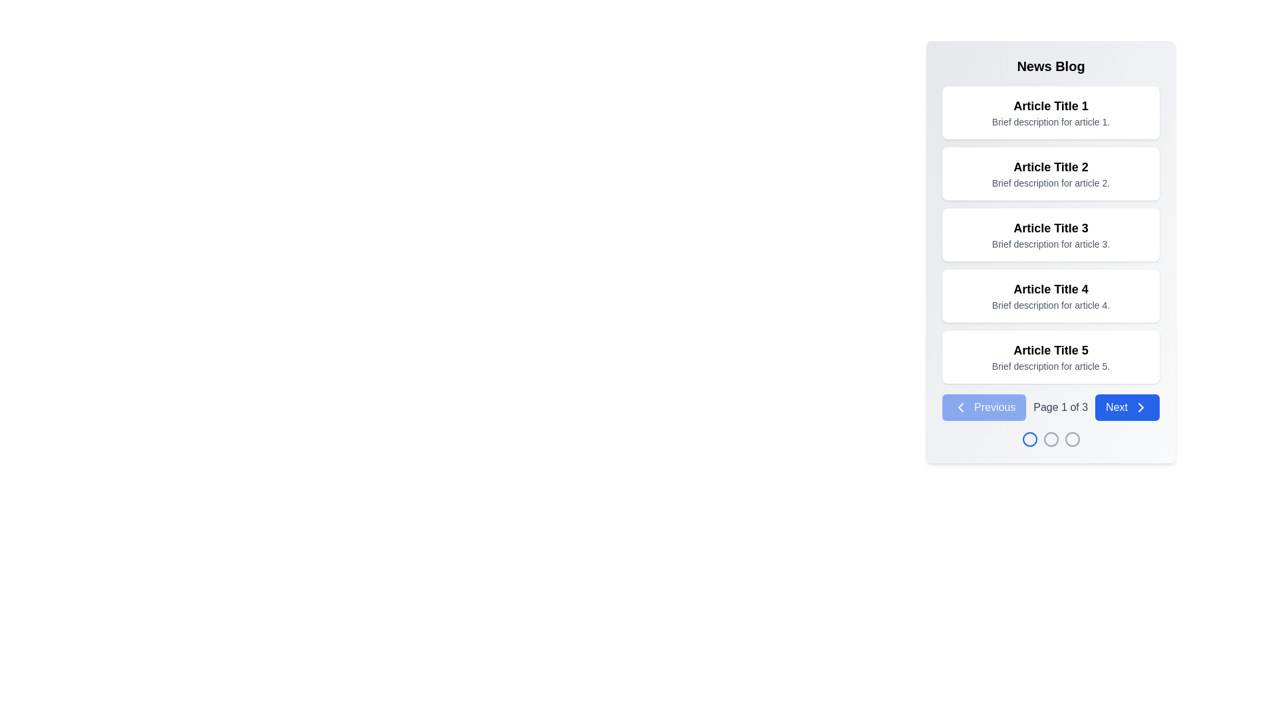  Describe the element at coordinates (1050, 234) in the screenshot. I see `the center of the third Content card in the vertically-stacked list` at that location.